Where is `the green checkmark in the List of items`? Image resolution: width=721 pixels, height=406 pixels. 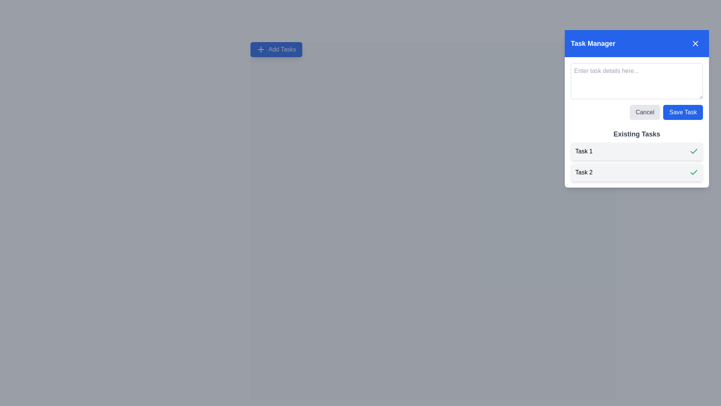
the green checkmark in the List of items is located at coordinates (636, 162).